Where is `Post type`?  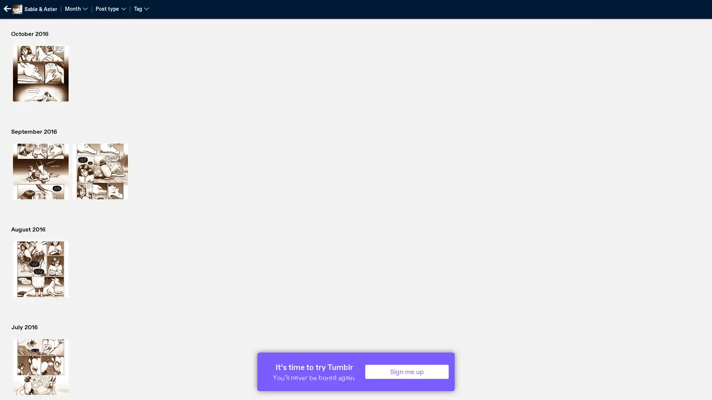
Post type is located at coordinates (110, 9).